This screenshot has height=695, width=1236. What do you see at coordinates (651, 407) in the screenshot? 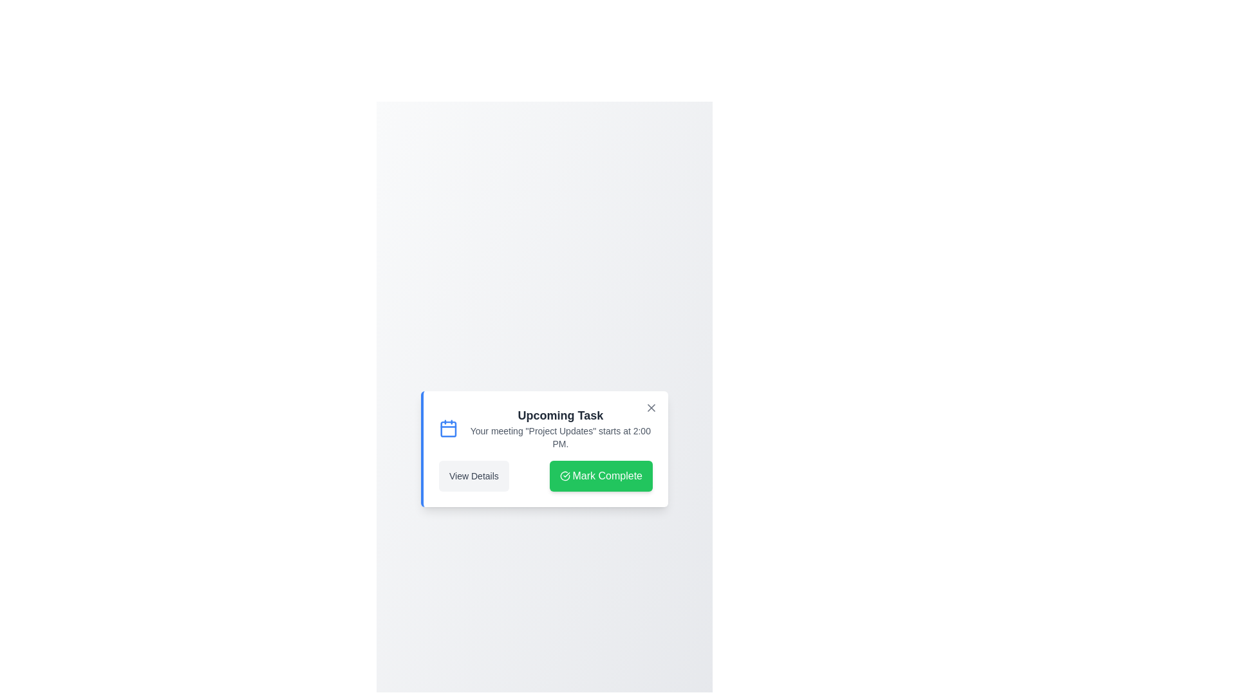
I see `the close button to dismiss the reminder alert` at bounding box center [651, 407].